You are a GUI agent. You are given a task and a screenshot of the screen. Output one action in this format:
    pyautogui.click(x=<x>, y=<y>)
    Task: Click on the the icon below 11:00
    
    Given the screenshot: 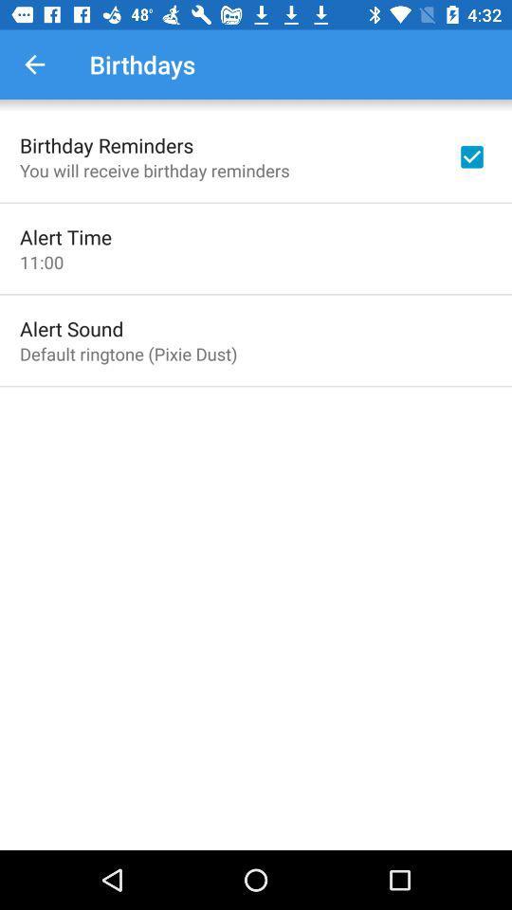 What is the action you would take?
    pyautogui.click(x=70, y=328)
    